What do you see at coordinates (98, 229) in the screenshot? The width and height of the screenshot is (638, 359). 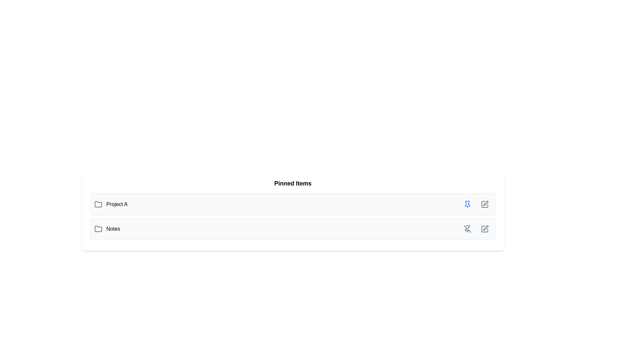 I see `the folder icon located to the left of the text 'Notes' in the second row of the vertically stacked list` at bounding box center [98, 229].